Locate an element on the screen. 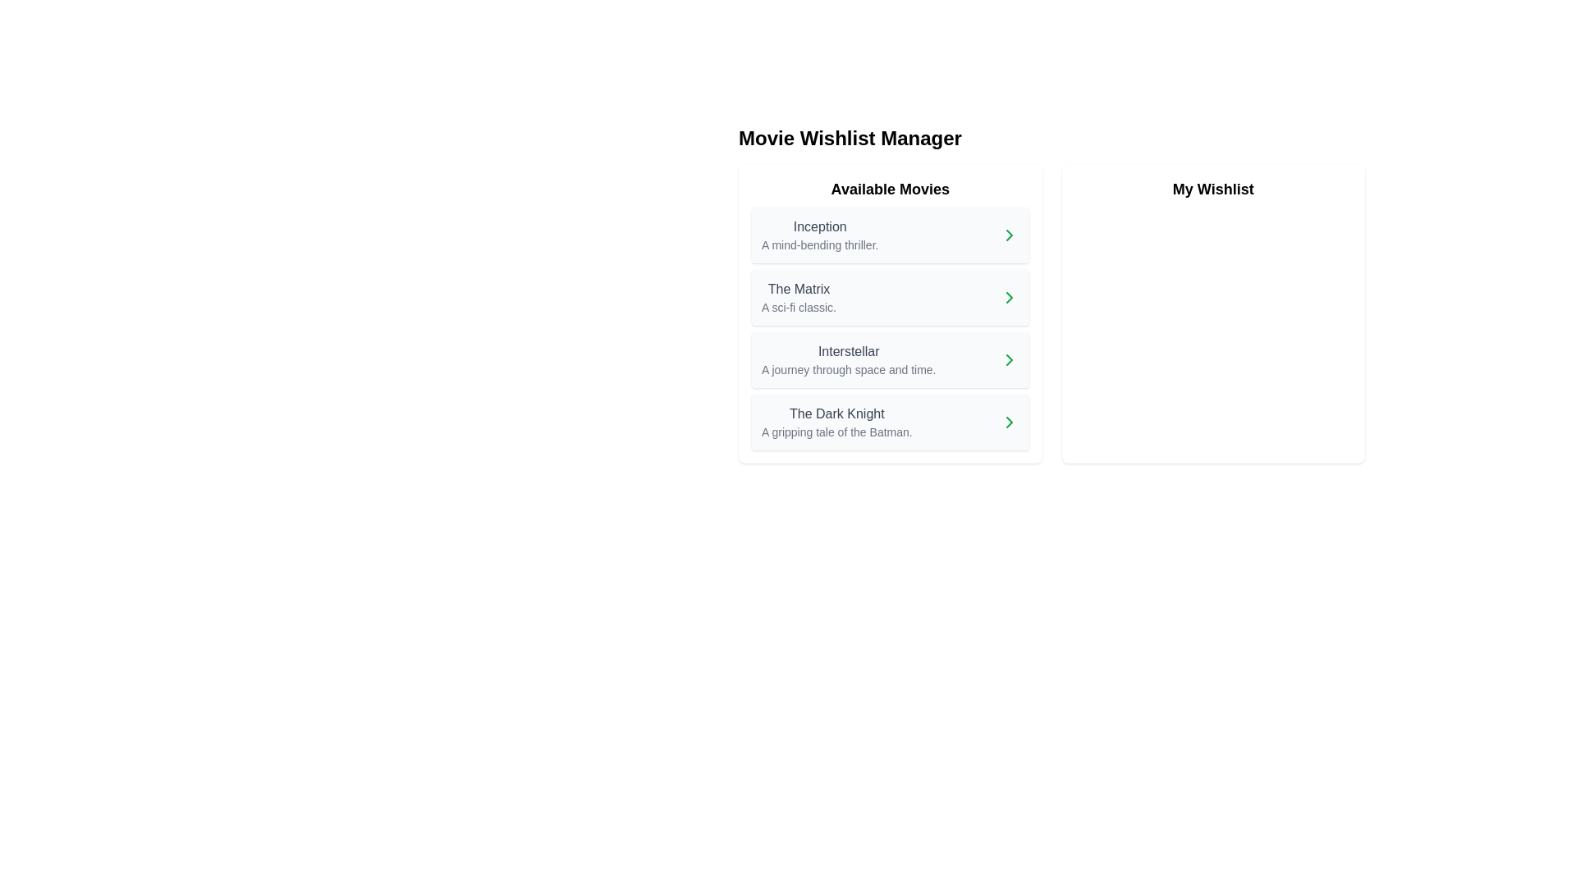  text label displaying 'A mind-bending thriller.' located below the title 'Inception' in the 'Available Movies' section is located at coordinates (820, 245).